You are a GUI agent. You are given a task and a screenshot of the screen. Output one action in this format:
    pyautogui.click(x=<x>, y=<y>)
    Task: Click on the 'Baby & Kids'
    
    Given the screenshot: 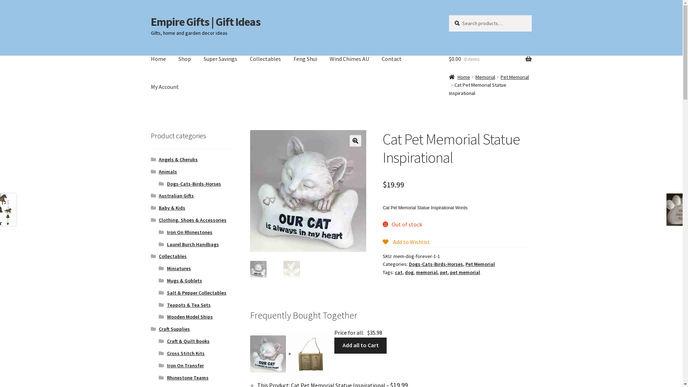 What is the action you would take?
    pyautogui.click(x=172, y=207)
    